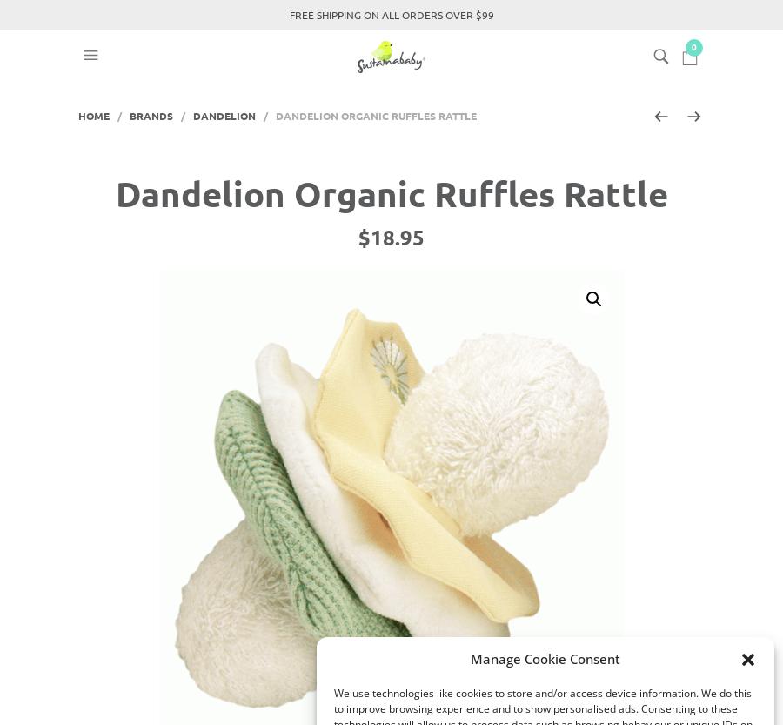  Describe the element at coordinates (391, 14) in the screenshot. I see `'FREE SHIPPING ON ALL ORDERS OVER $99'` at that location.